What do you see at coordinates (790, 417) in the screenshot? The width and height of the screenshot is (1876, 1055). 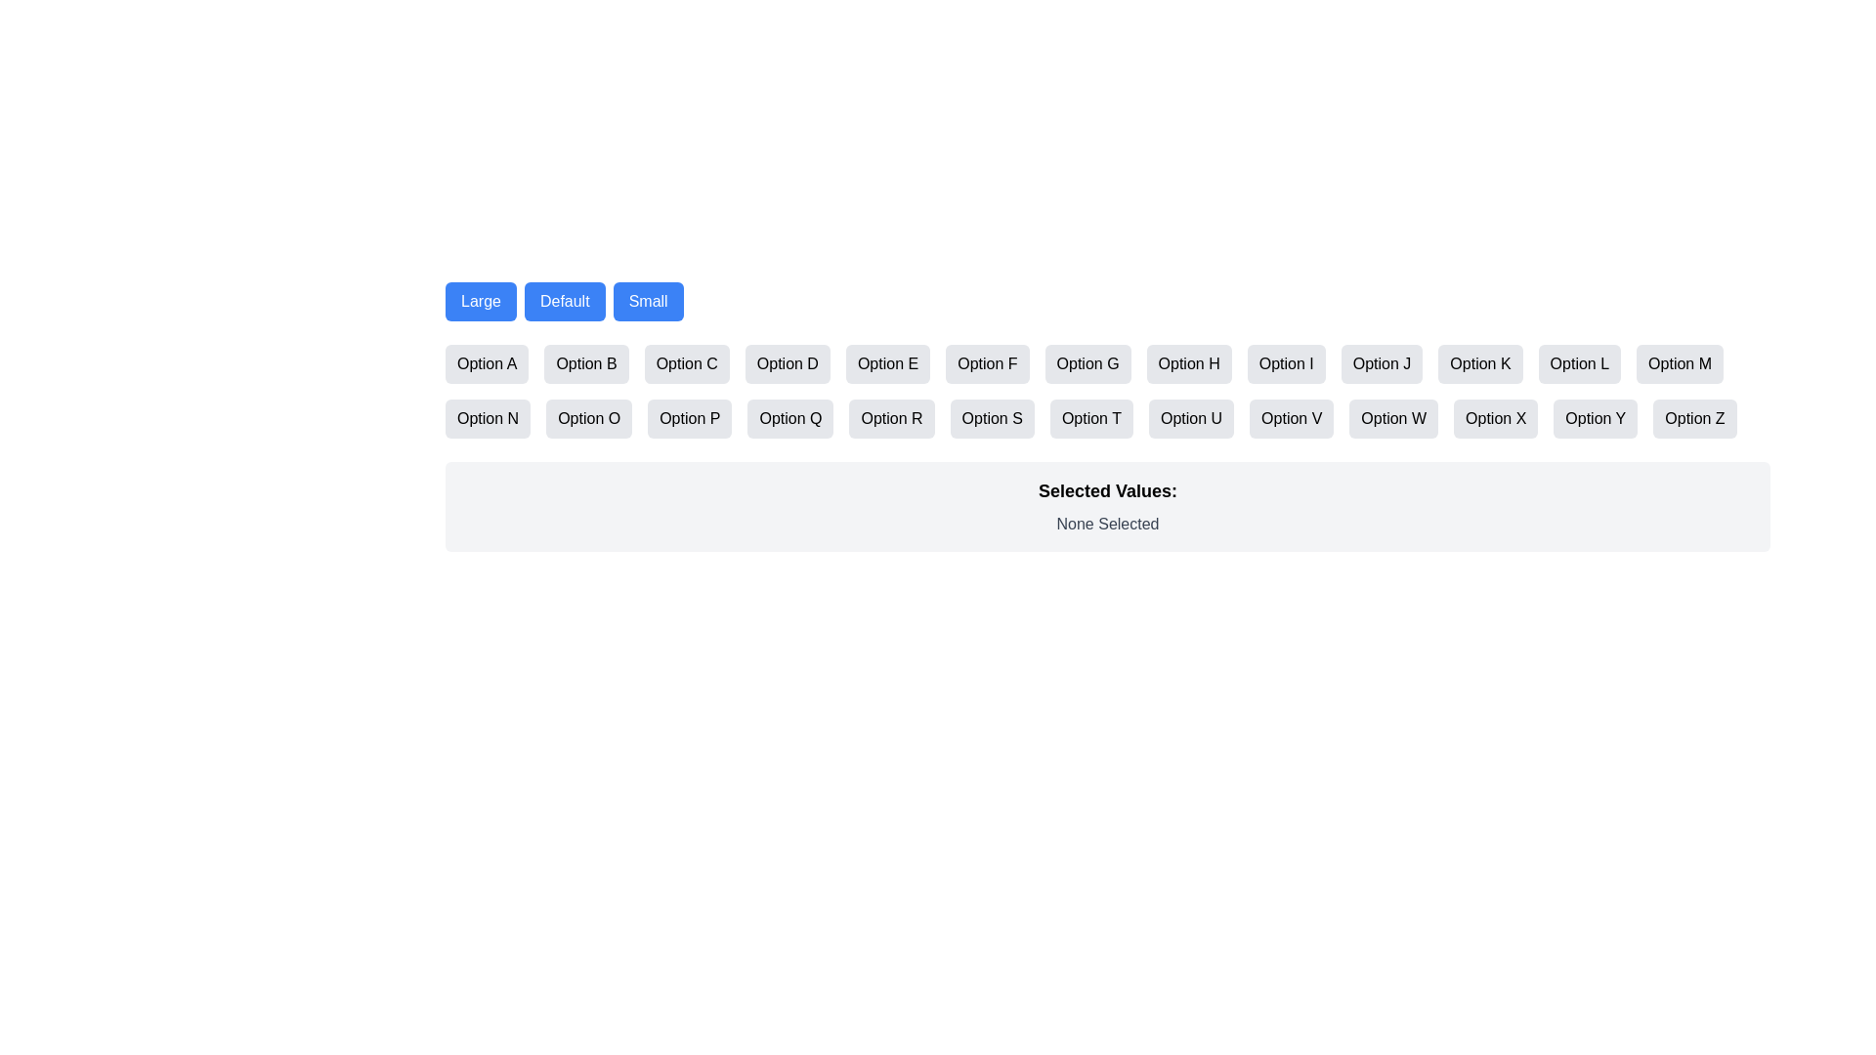 I see `the button labeled 'Option Q', which is the fourth button in the second row of a grid of buttons below blue buttons labeled 'Large', 'Default', and 'Small'` at bounding box center [790, 417].